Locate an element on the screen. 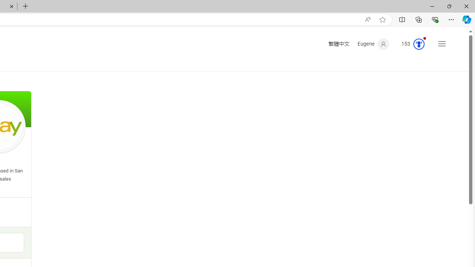 This screenshot has height=267, width=475. 'Eugene' is located at coordinates (373, 44).